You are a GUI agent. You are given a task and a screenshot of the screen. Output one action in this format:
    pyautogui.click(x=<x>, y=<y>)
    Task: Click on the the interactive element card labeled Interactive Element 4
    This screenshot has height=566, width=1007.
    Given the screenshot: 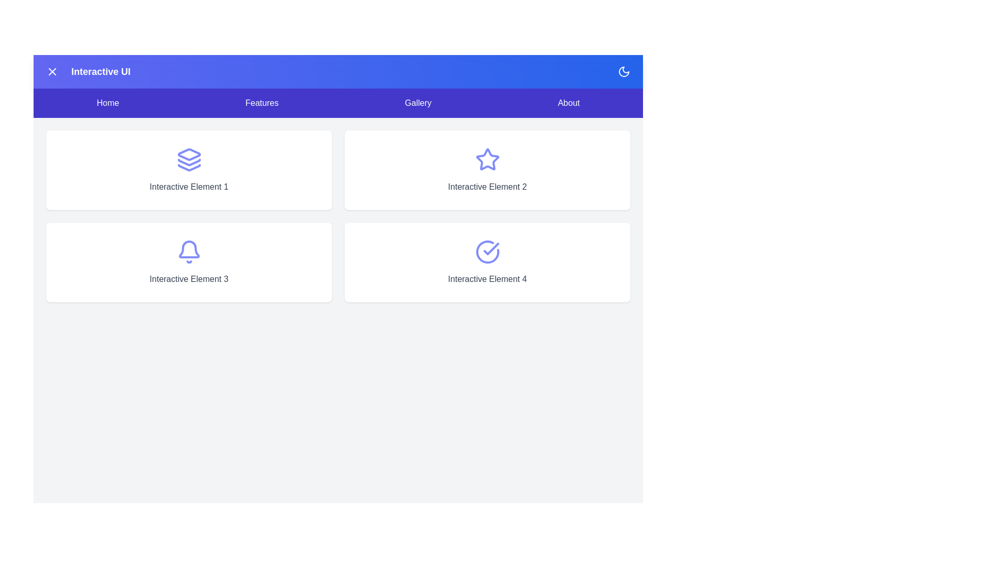 What is the action you would take?
    pyautogui.click(x=487, y=262)
    